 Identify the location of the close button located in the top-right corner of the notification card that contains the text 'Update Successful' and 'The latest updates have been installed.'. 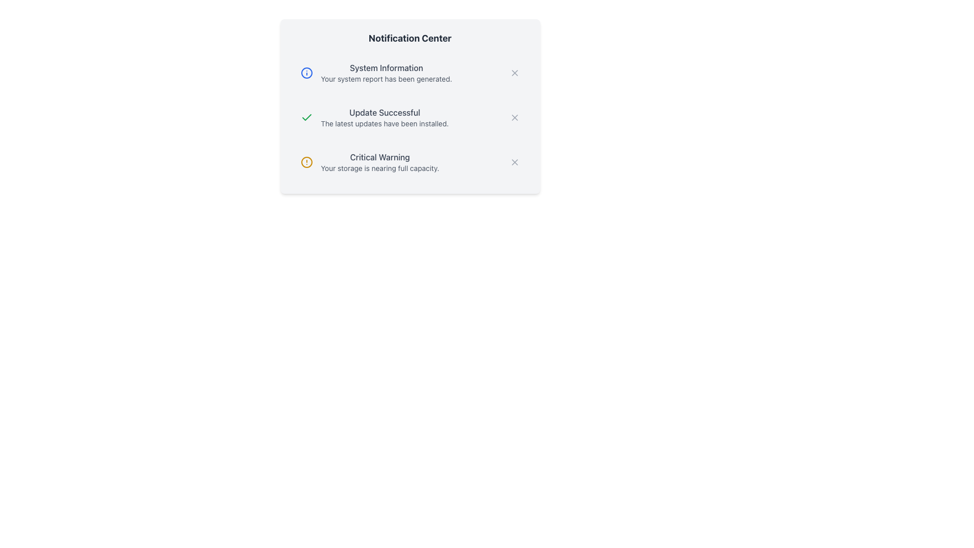
(514, 117).